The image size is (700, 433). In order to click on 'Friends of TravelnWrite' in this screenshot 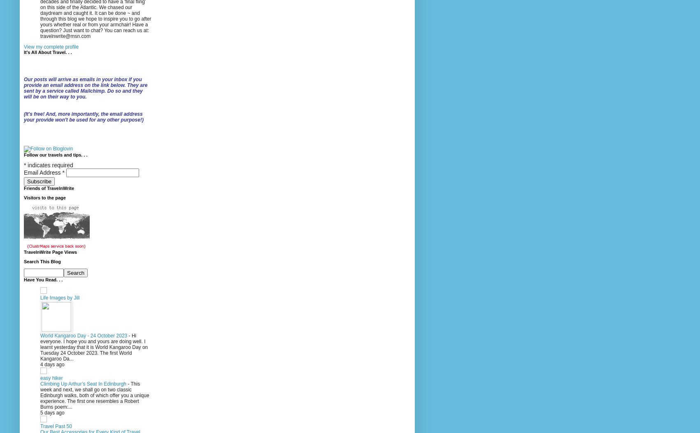, I will do `click(49, 187)`.